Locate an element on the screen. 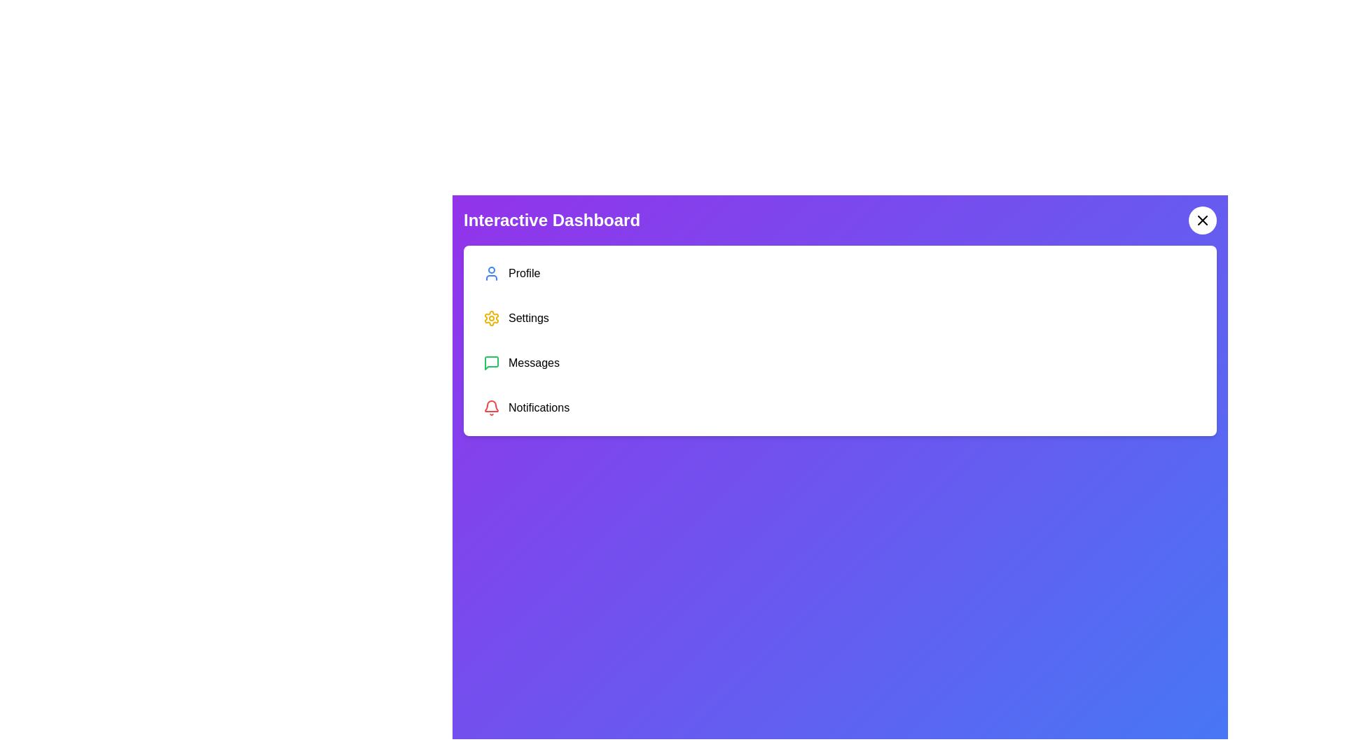 This screenshot has height=756, width=1345. the 'Messages' navigation button is located at coordinates (840, 363).